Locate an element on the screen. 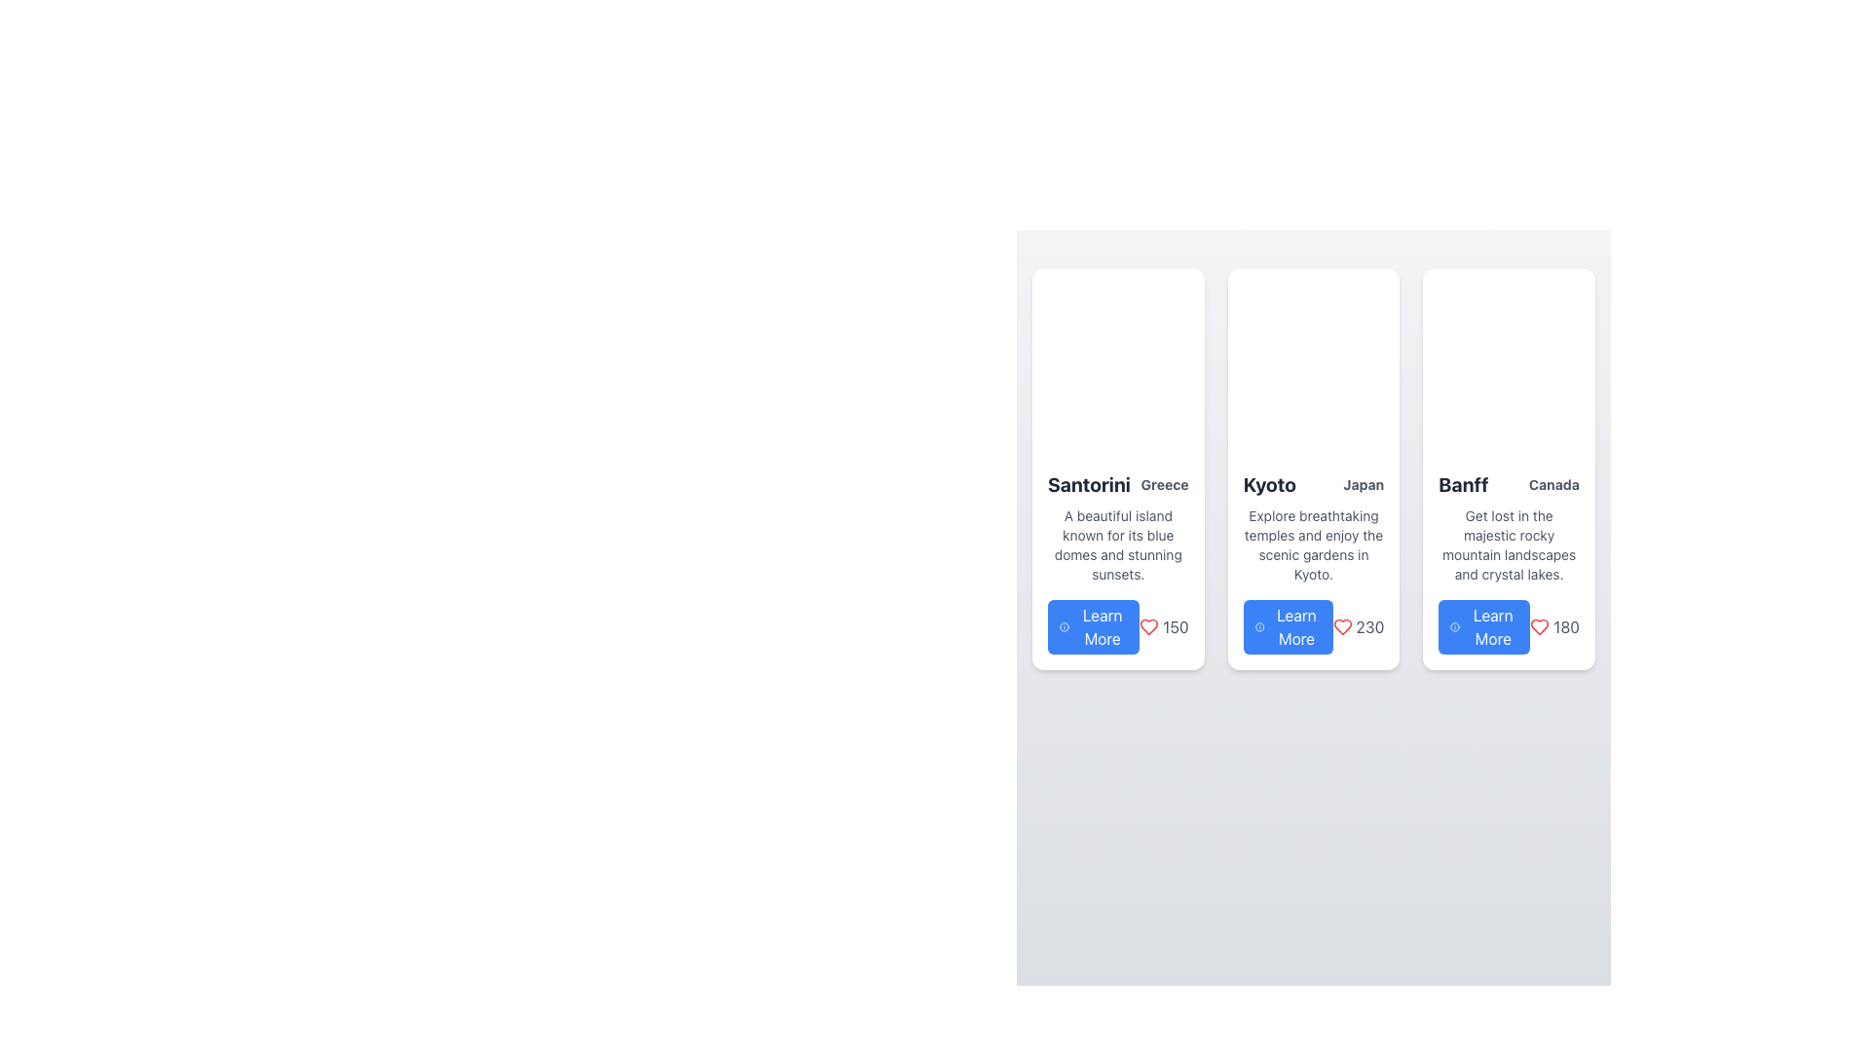 This screenshot has width=1870, height=1052. the button located at the bottom of the 'Kyoto, Japan' card is located at coordinates (1288, 627).